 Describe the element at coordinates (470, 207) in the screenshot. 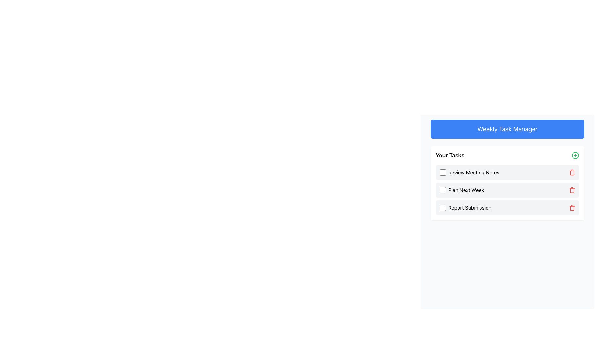

I see `the 'Report Submission' text label, which is the third item in the task list and is displayed in black sans-serif font next to a checkbox` at that location.